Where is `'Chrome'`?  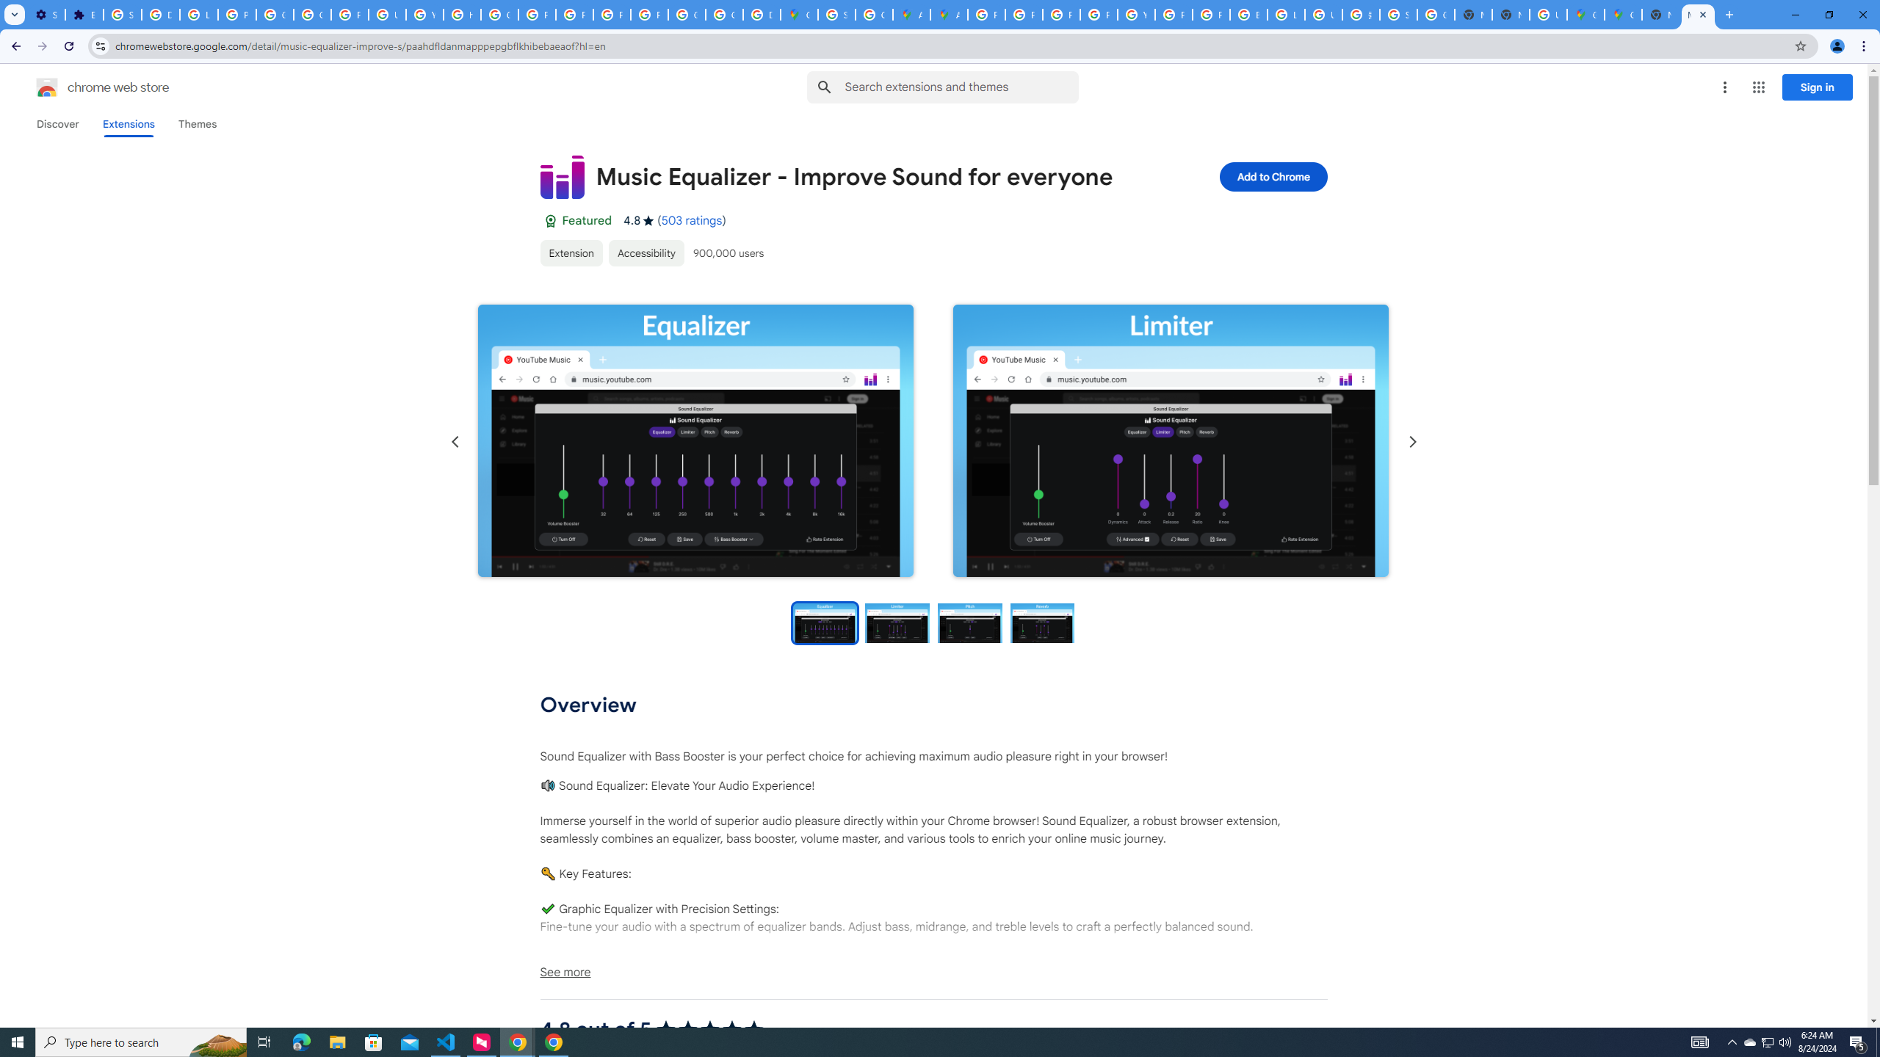 'Chrome' is located at coordinates (1865, 46).